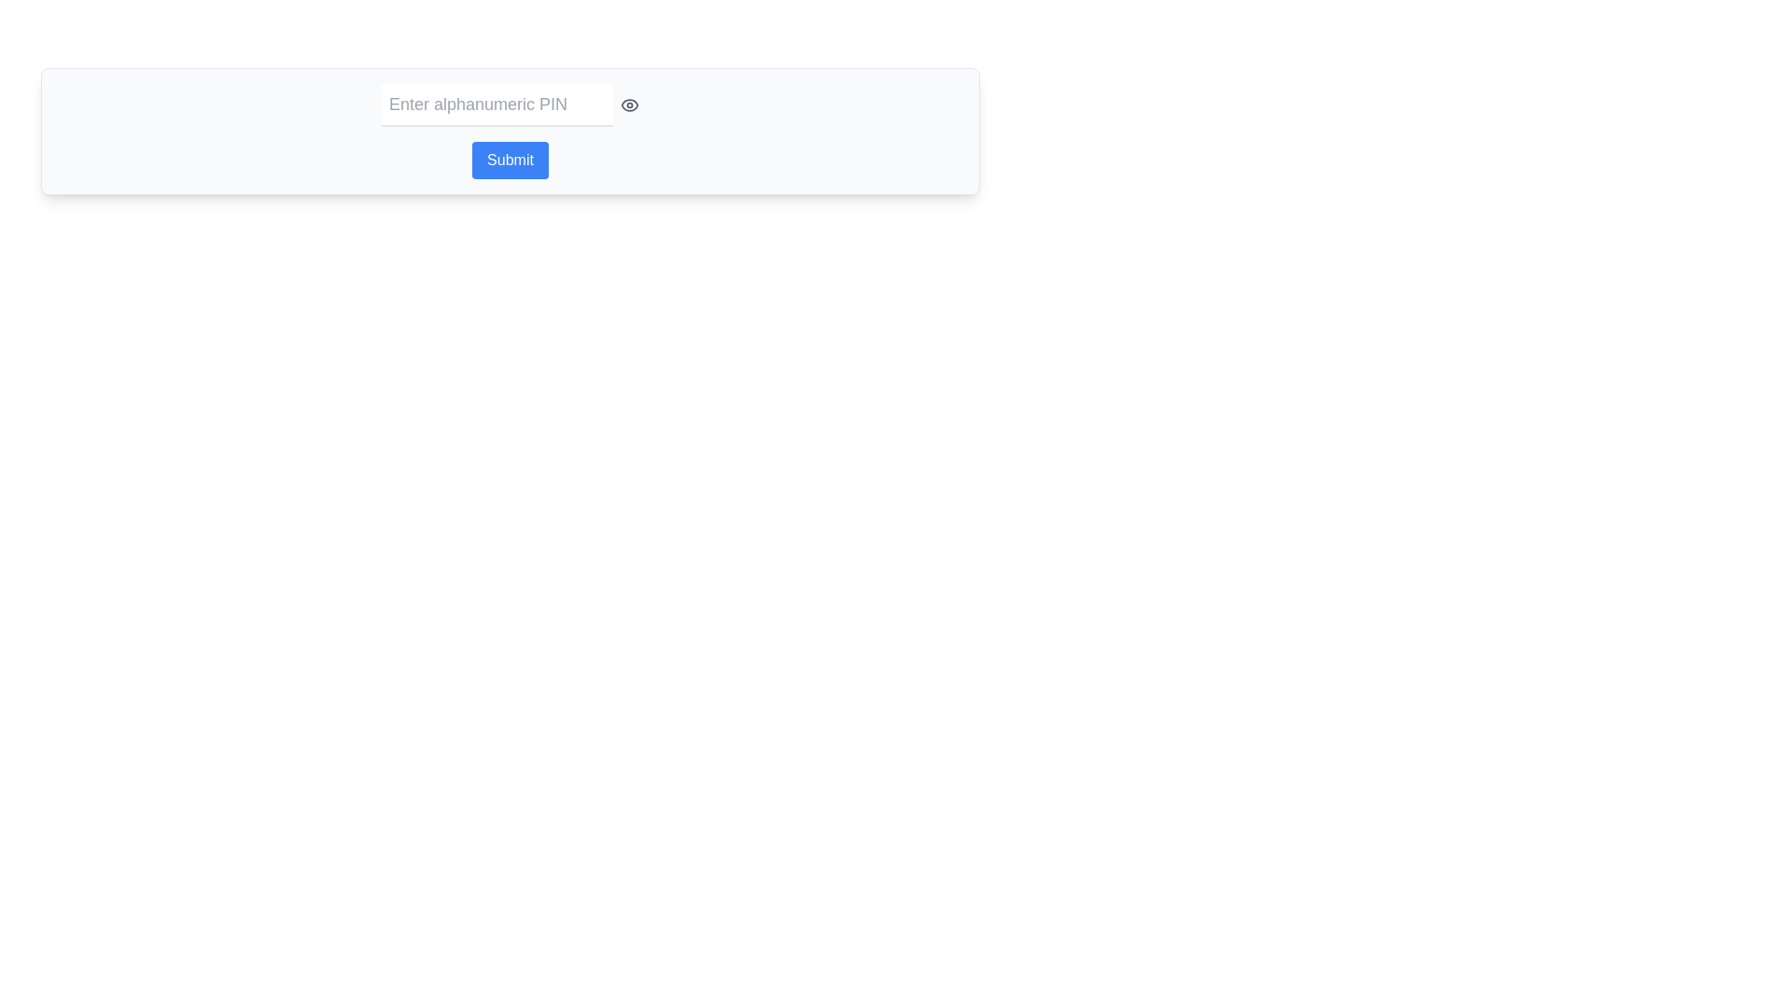 This screenshot has height=1008, width=1792. I want to click on the Password input field, which is styled with a bottom border that changes to blue on focus and contains the placeholder text 'Enter alphanumeric PIN', to focus and begin input, so click(497, 105).